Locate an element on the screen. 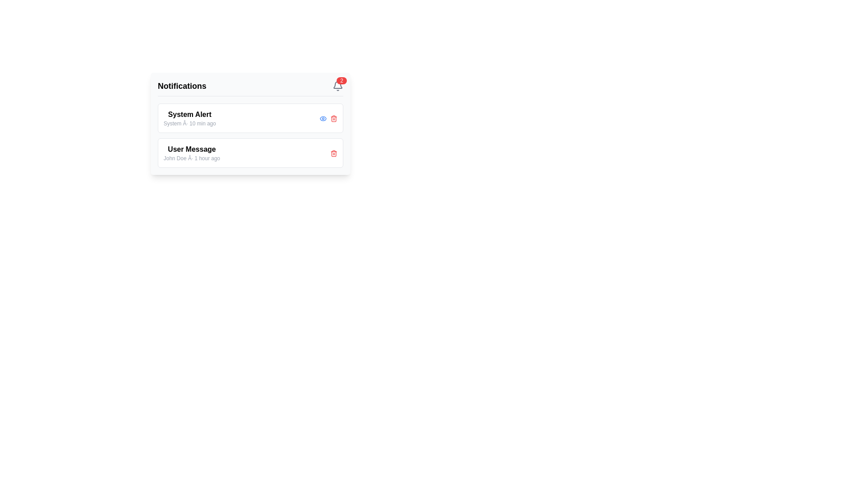 The image size is (856, 482). the bolded header text element that serves as the title of the notification, located in the uppermost notification card in the notifications section is located at coordinates (189, 114).